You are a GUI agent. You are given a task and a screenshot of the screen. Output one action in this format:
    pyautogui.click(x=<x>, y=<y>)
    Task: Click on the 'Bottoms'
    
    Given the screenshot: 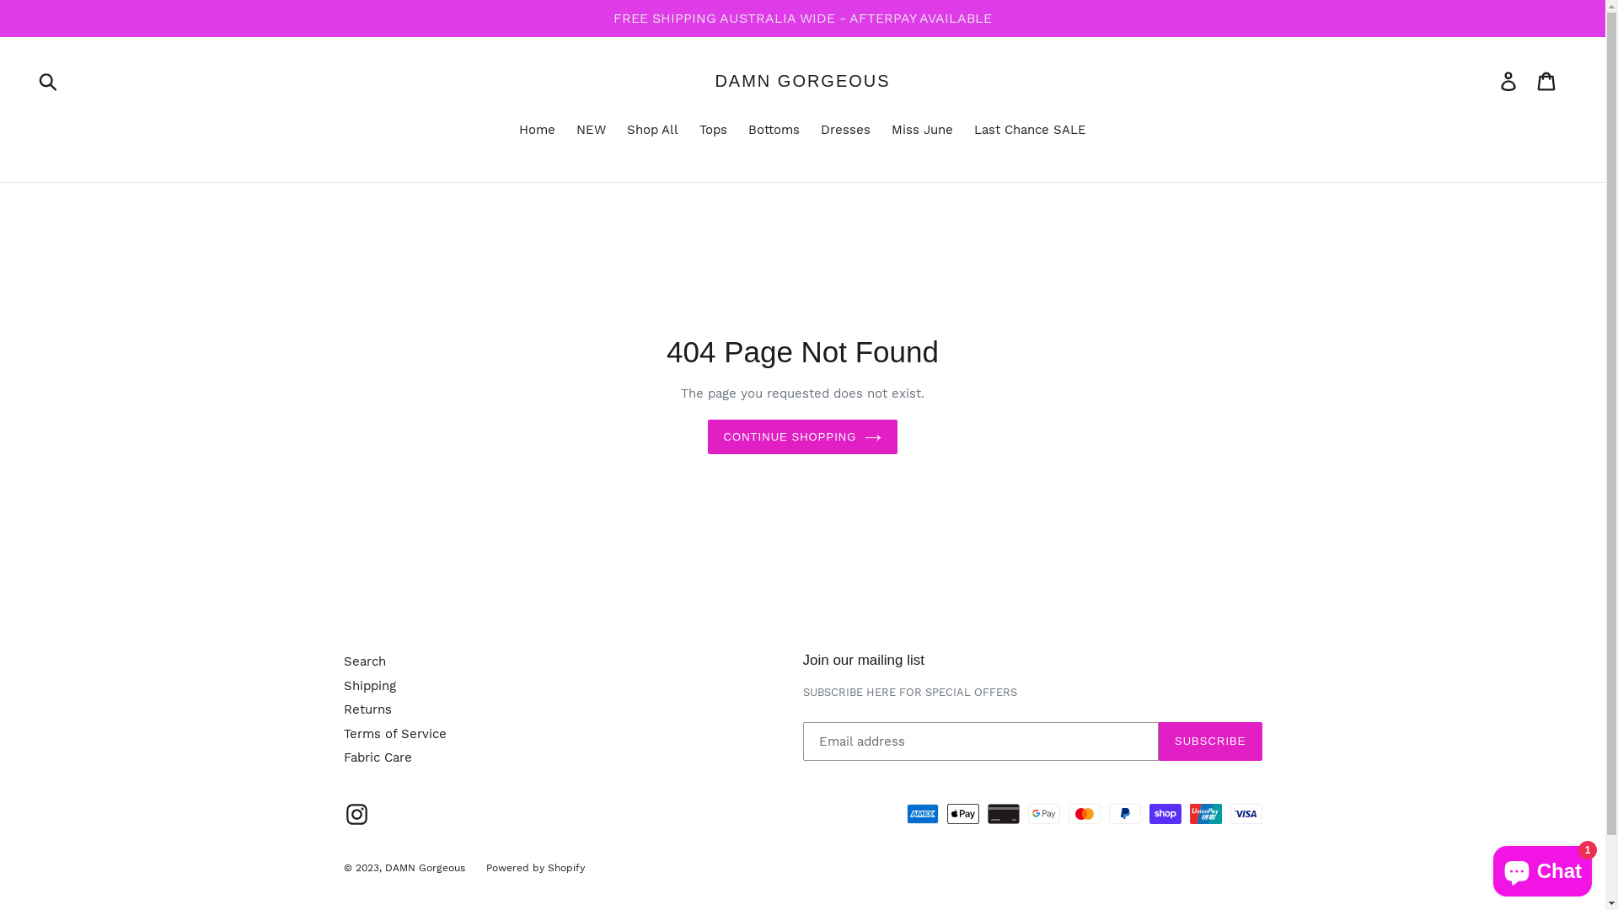 What is the action you would take?
    pyautogui.click(x=773, y=130)
    